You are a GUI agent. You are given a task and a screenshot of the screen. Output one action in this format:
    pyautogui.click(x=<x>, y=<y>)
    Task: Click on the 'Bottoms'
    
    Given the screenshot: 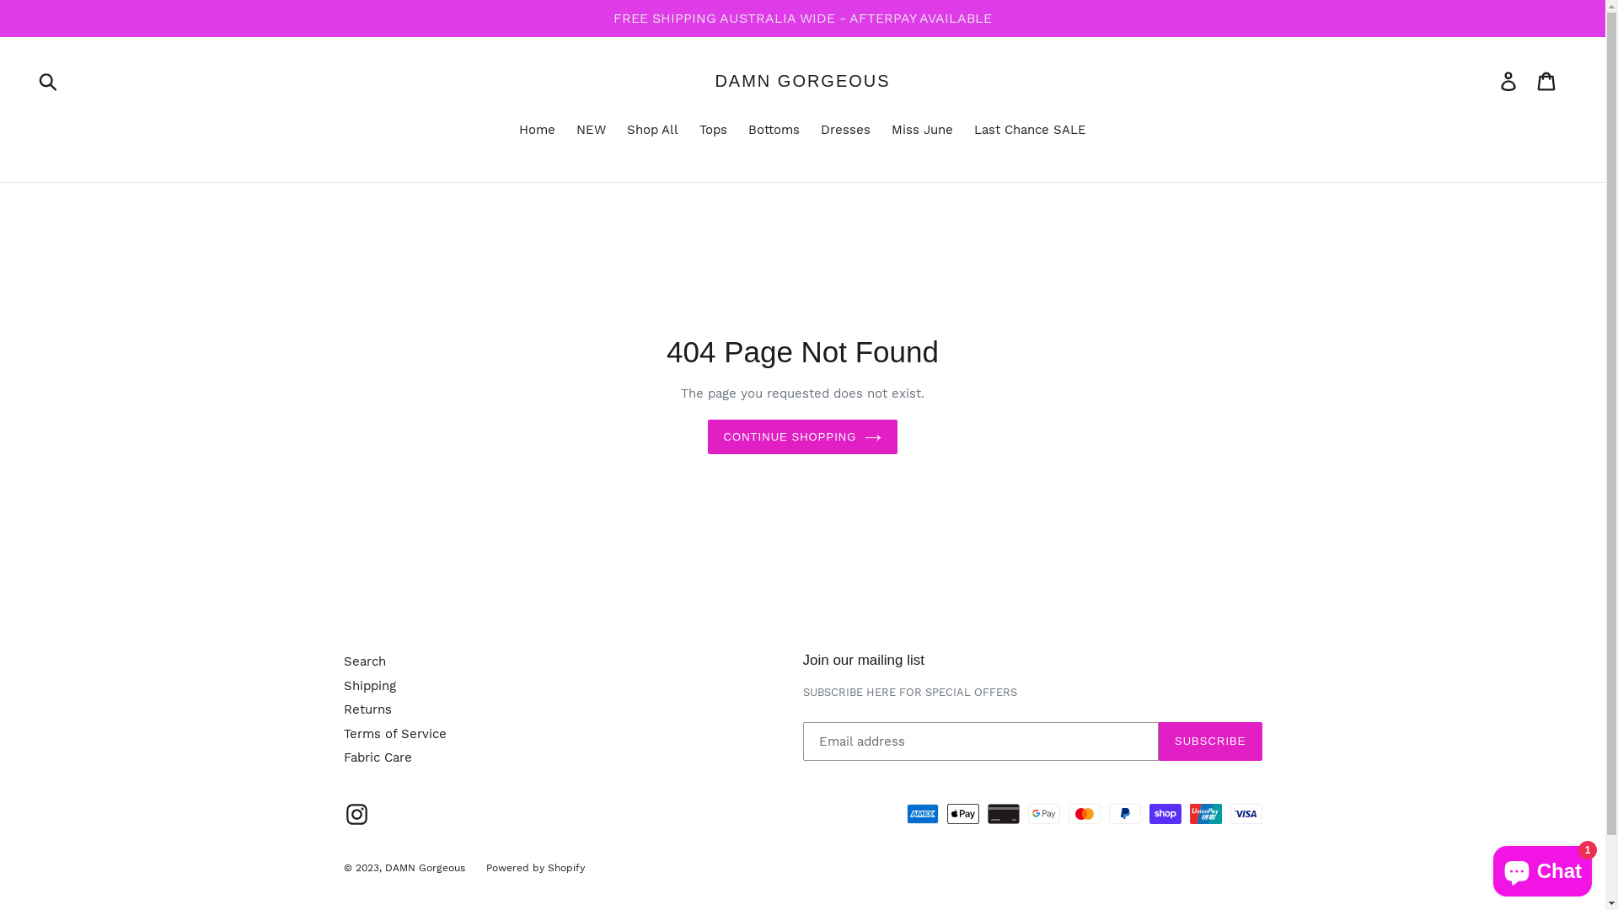 What is the action you would take?
    pyautogui.click(x=773, y=130)
    